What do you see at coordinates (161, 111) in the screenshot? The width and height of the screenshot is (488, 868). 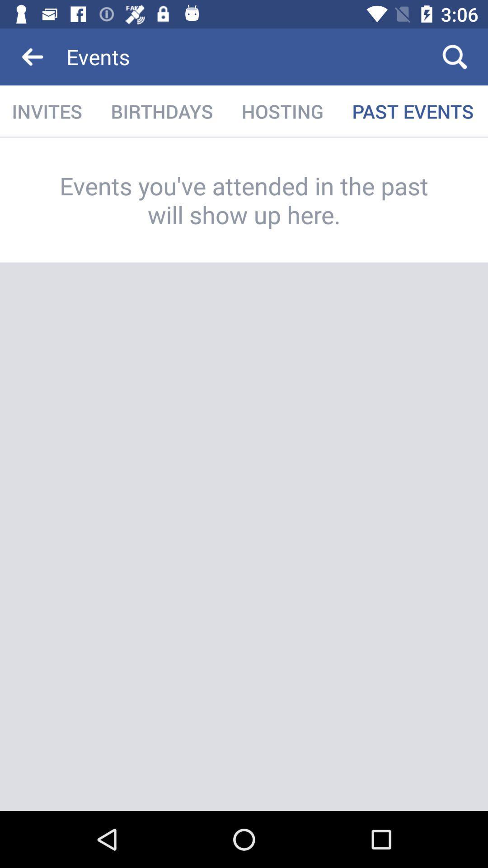 I see `icon next to the invites` at bounding box center [161, 111].